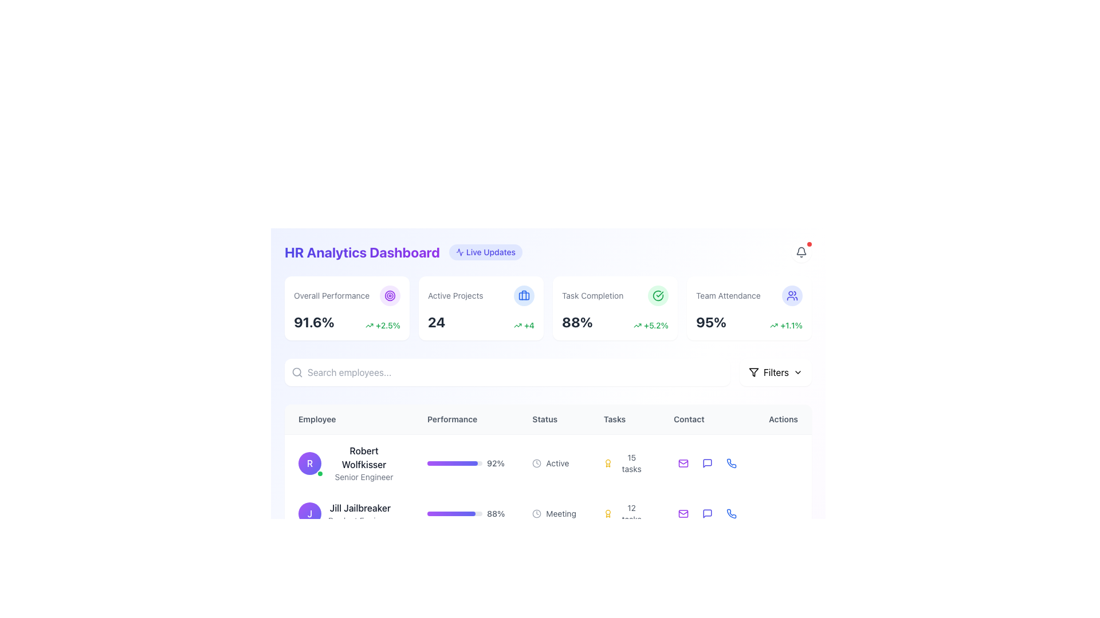 This screenshot has width=1100, height=618. What do you see at coordinates (348, 462) in the screenshot?
I see `the text block displaying the name 'Robert Wolfkisser' and the subtitle 'Senior Engineer' to select the name` at bounding box center [348, 462].